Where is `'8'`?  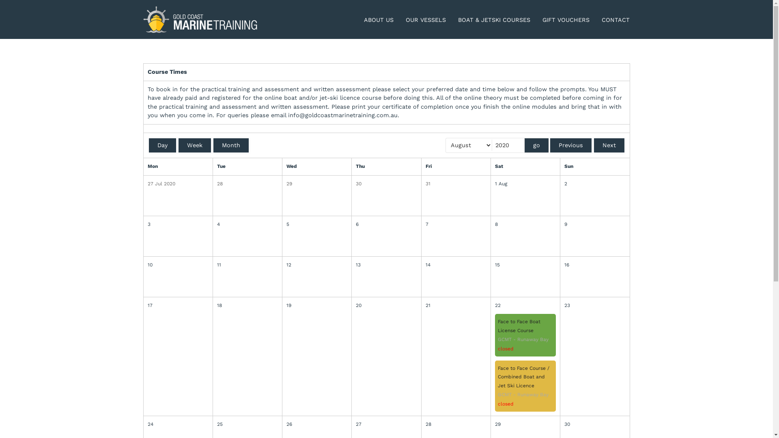
'8' is located at coordinates (525, 225).